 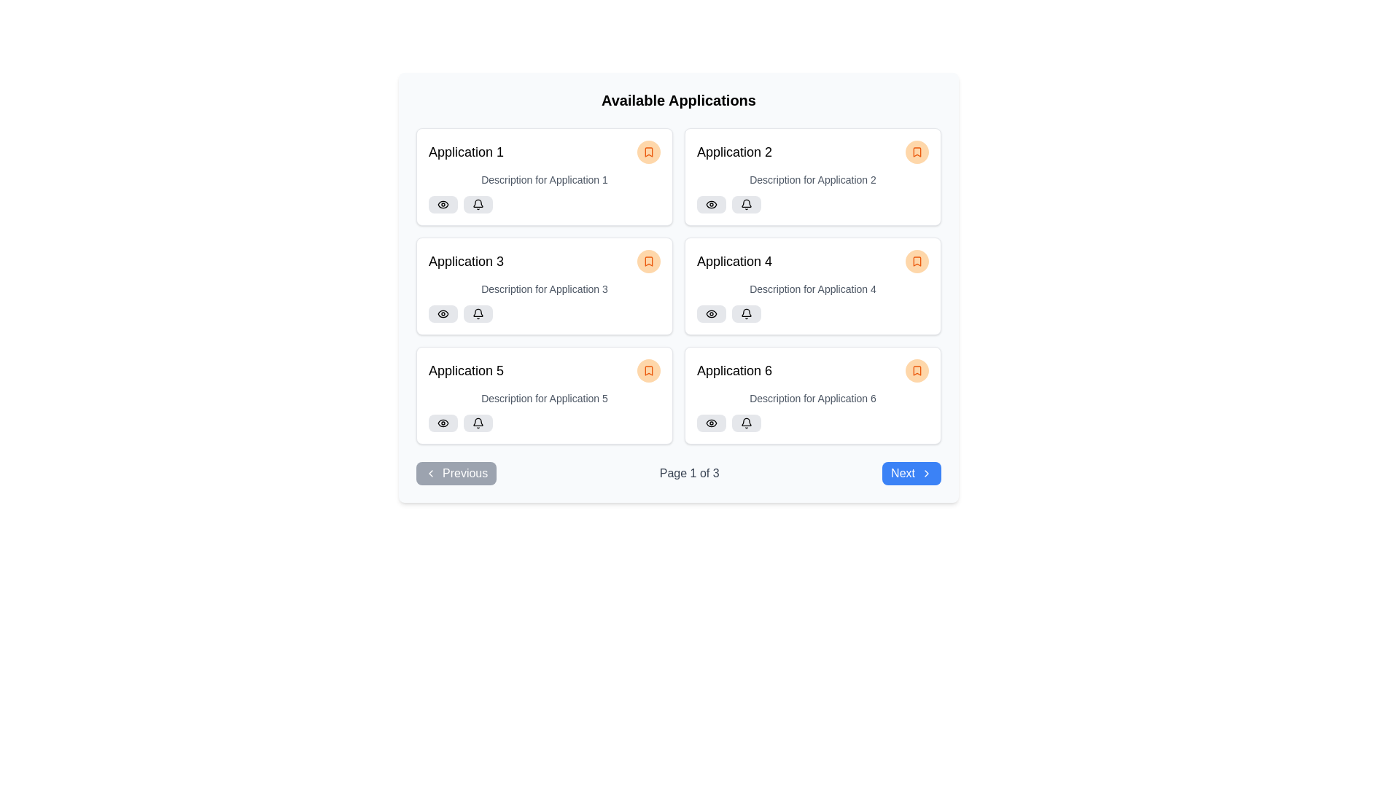 What do you see at coordinates (711, 205) in the screenshot?
I see `the eye-shaped icon representing the 'view' or 'preview' feature associated with 'Application 2'` at bounding box center [711, 205].